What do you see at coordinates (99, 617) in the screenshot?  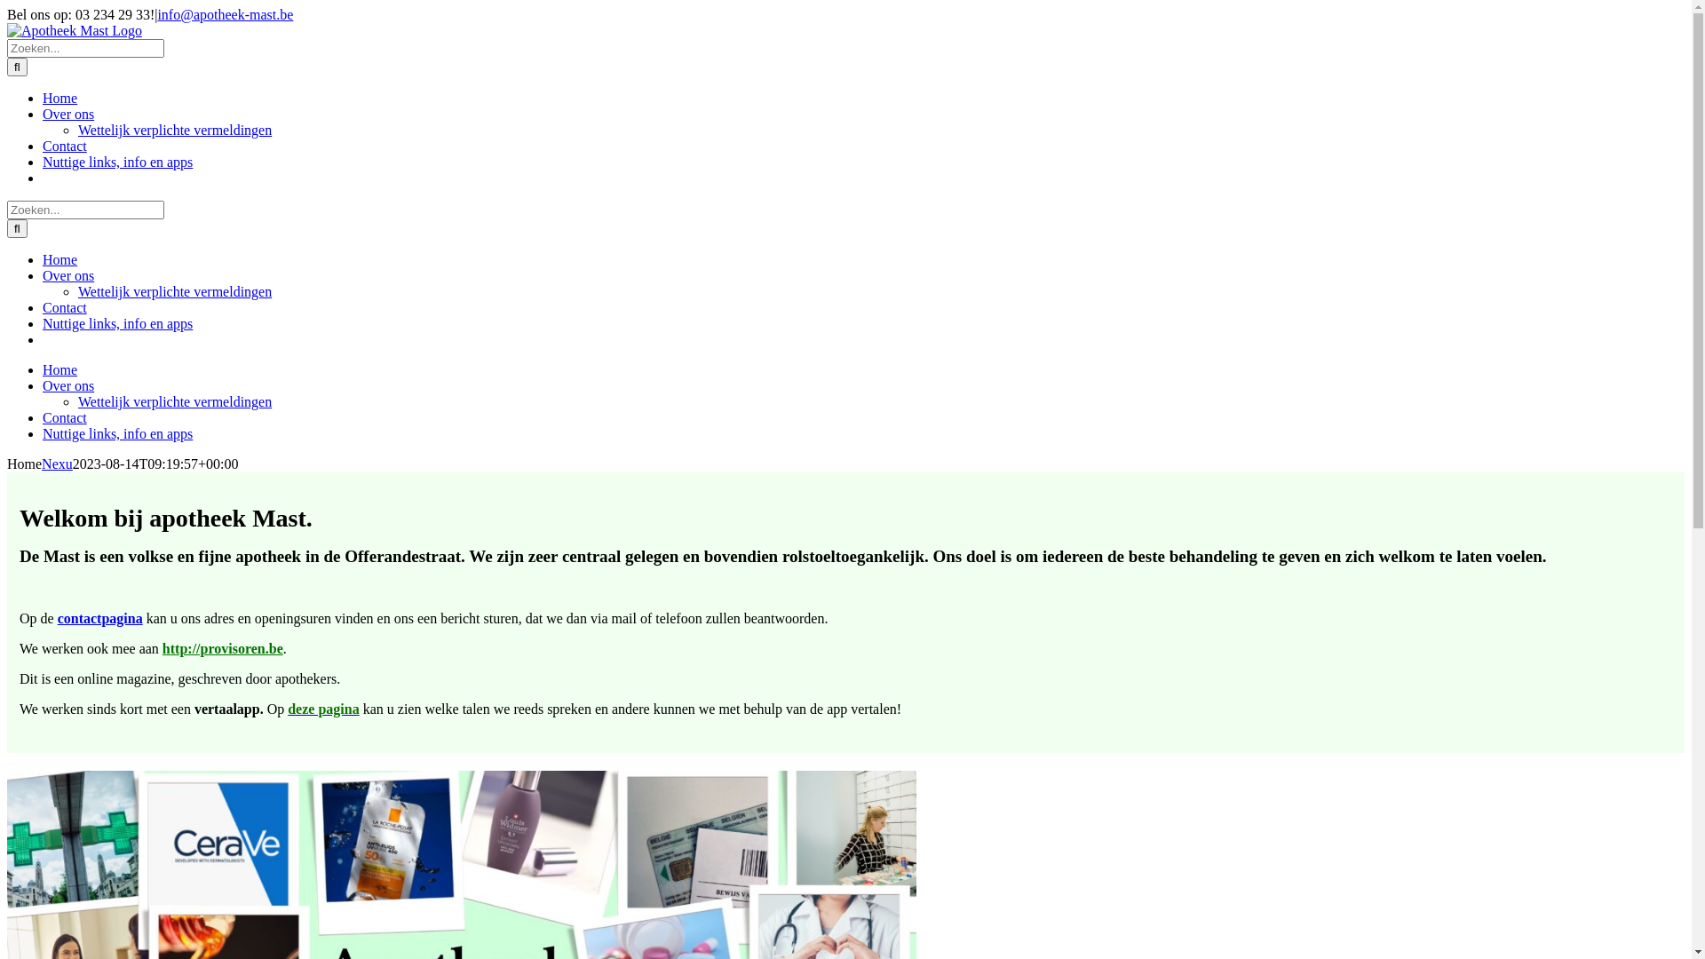 I see `'contactpagina'` at bounding box center [99, 617].